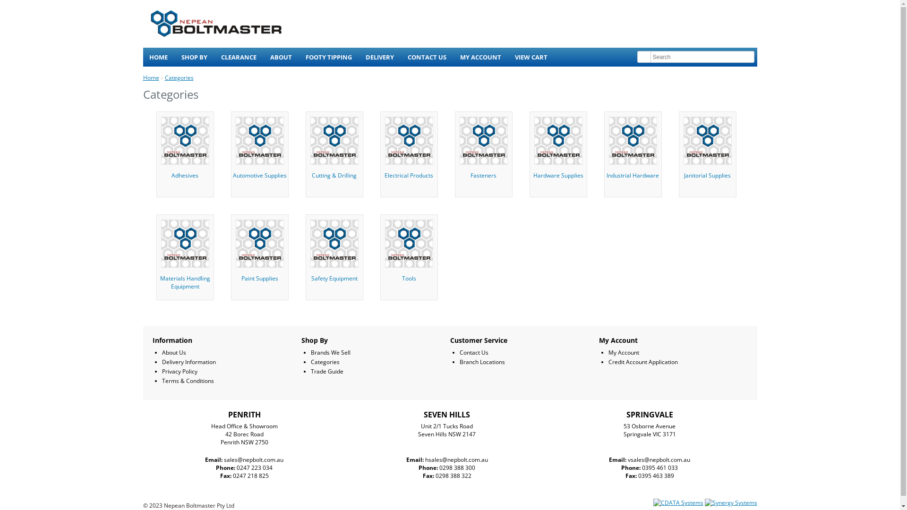  Describe the element at coordinates (480, 57) in the screenshot. I see `'MY ACCOUNT'` at that location.